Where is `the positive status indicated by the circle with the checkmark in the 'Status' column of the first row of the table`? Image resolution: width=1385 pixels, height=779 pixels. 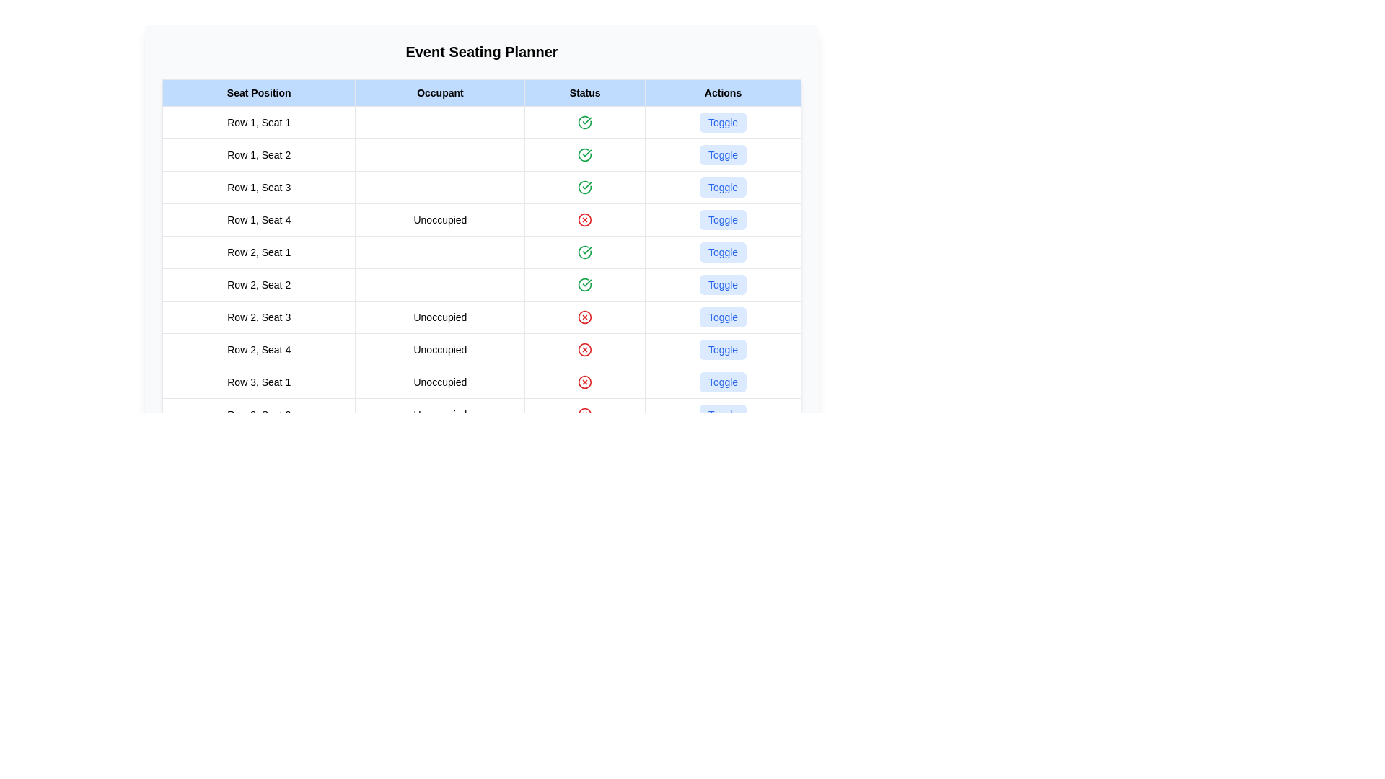 the positive status indicated by the circle with the checkmark in the 'Status' column of the first row of the table is located at coordinates (585, 121).